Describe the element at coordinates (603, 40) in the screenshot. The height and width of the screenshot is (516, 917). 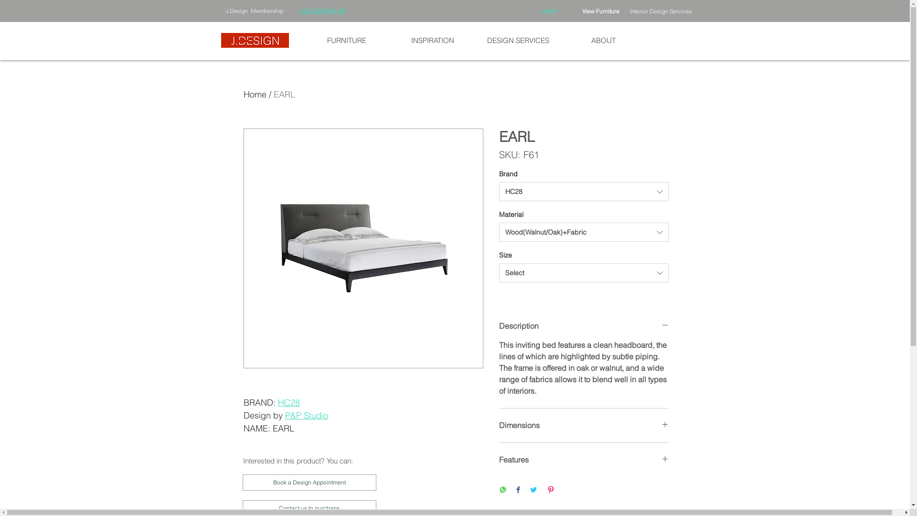
I see `'ABOUT'` at that location.